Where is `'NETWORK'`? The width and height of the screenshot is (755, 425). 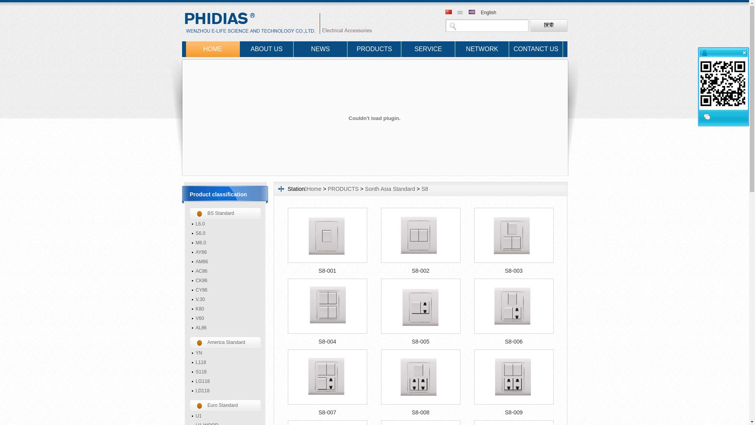
'NETWORK' is located at coordinates (482, 49).